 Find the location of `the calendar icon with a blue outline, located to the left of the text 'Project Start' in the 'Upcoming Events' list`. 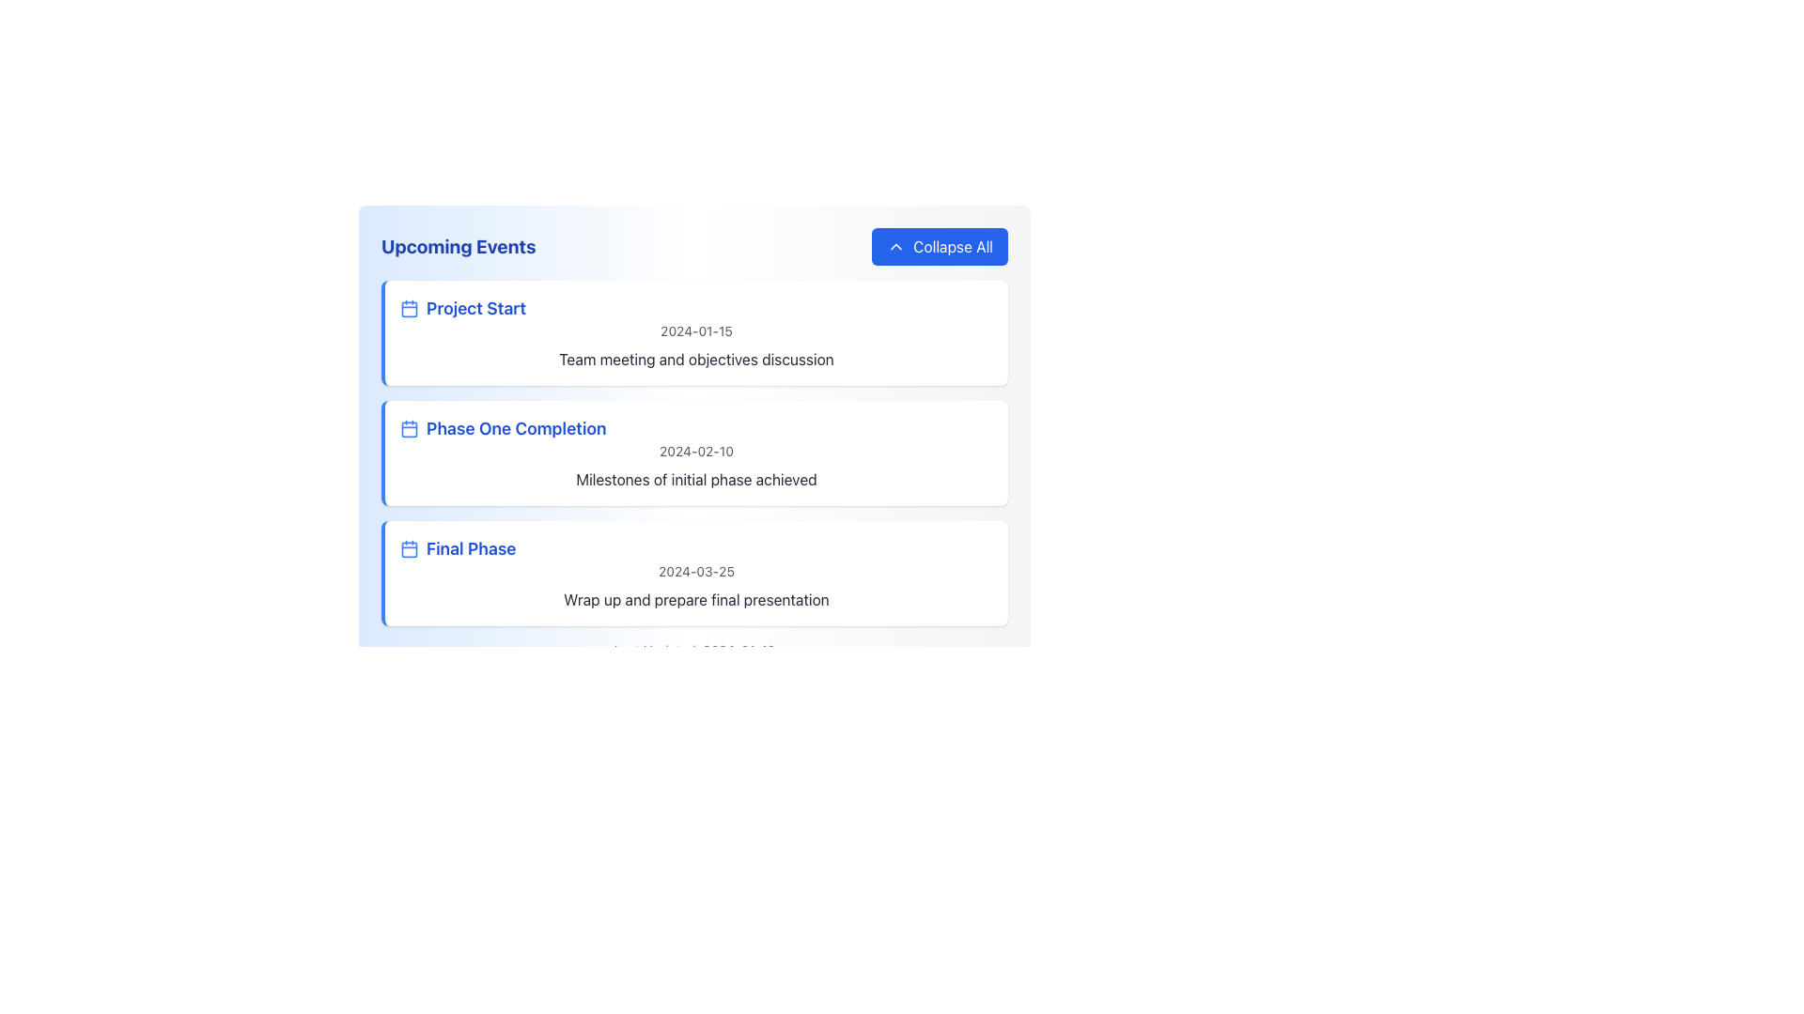

the calendar icon with a blue outline, located to the left of the text 'Project Start' in the 'Upcoming Events' list is located at coordinates (409, 307).